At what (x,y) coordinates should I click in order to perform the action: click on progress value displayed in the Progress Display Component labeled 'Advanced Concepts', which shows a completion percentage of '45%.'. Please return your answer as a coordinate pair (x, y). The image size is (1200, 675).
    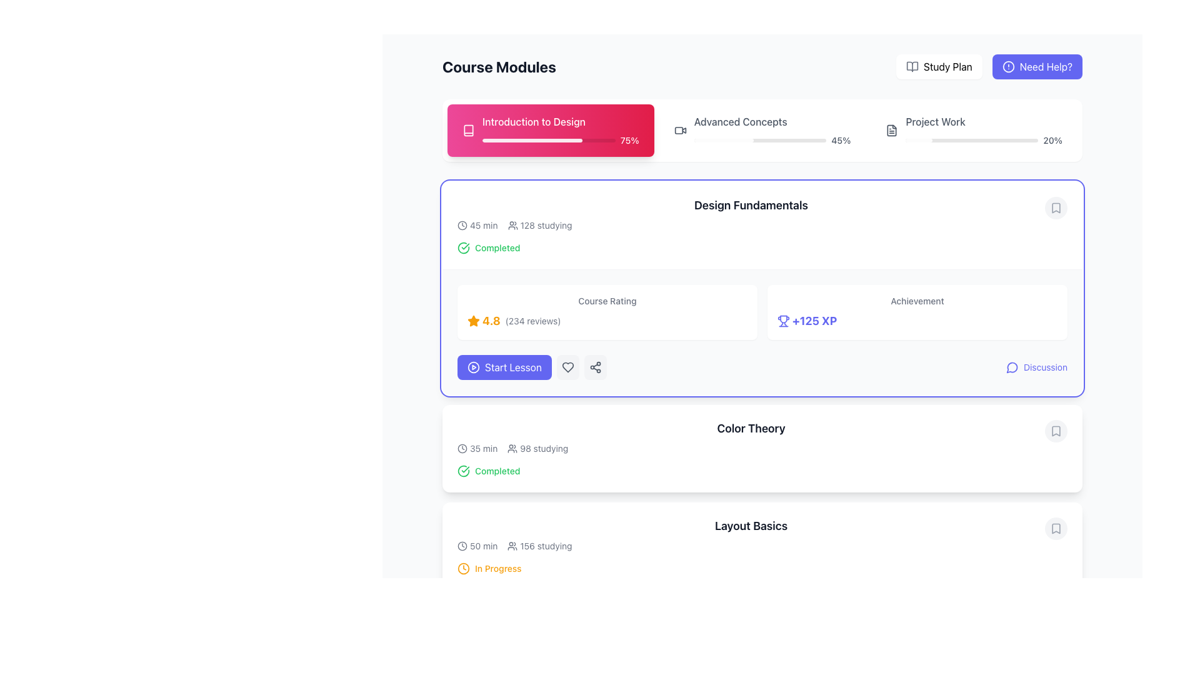
    Looking at the image, I should click on (772, 130).